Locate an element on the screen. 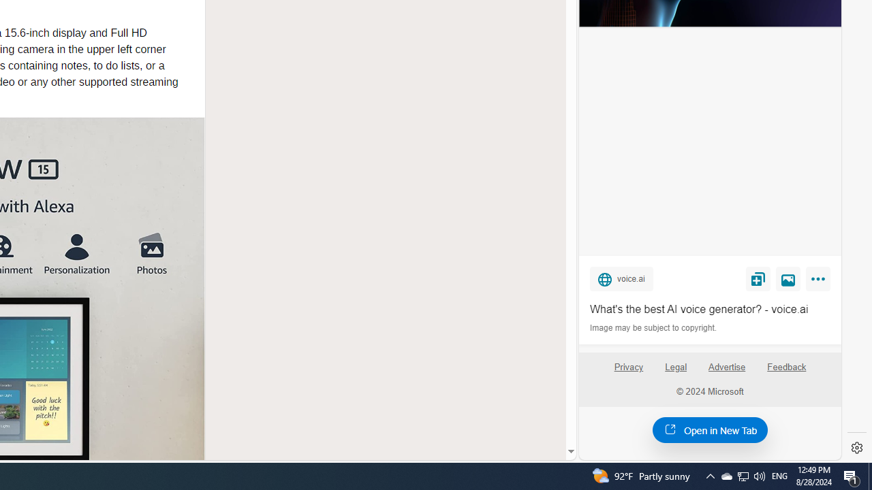  'Privacy' is located at coordinates (627, 372).